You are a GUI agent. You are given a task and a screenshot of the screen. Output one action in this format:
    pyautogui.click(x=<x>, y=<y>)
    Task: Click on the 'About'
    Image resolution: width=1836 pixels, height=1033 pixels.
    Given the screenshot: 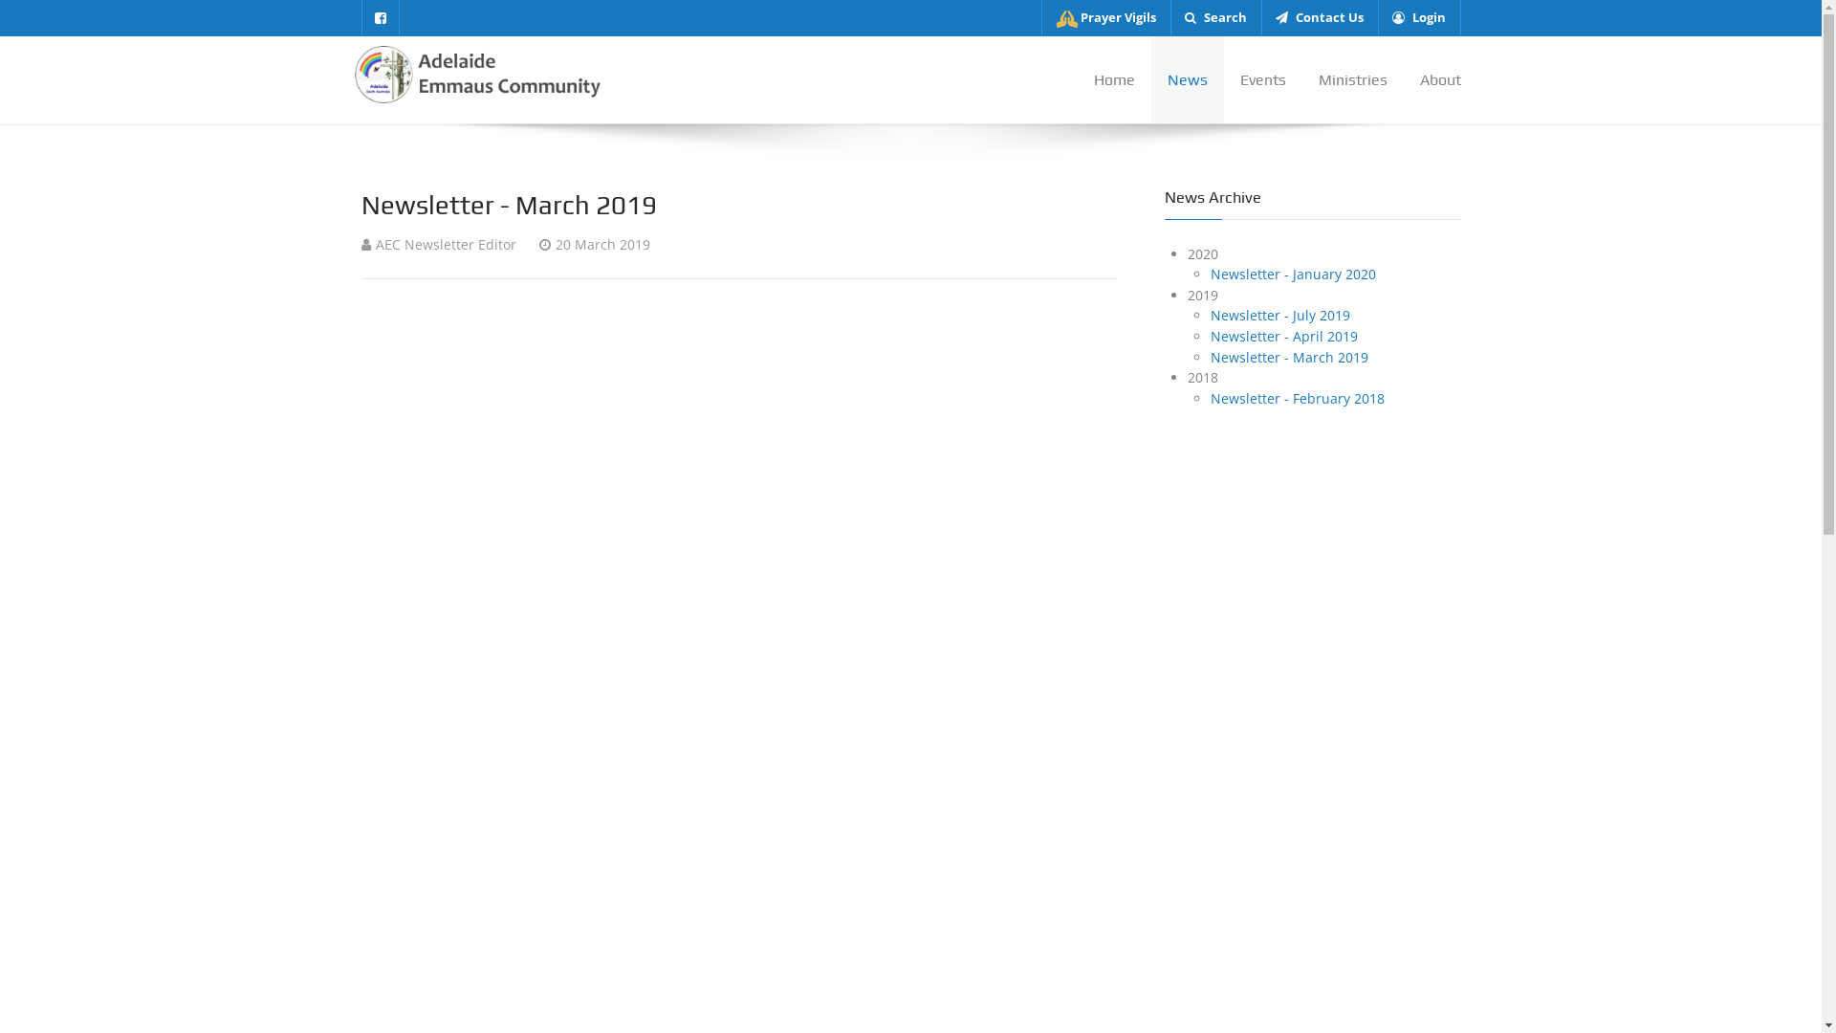 What is the action you would take?
    pyautogui.click(x=1432, y=78)
    